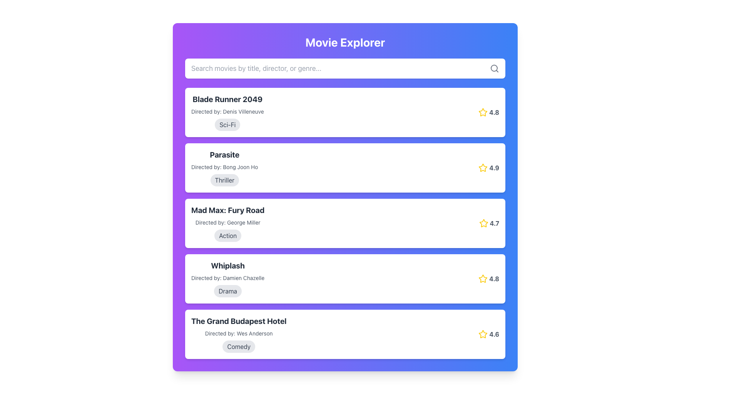 Image resolution: width=739 pixels, height=416 pixels. What do you see at coordinates (495, 68) in the screenshot?
I see `the magnifying glass icon located at the right edge of the search input field, which visually indicates the search functionality` at bounding box center [495, 68].